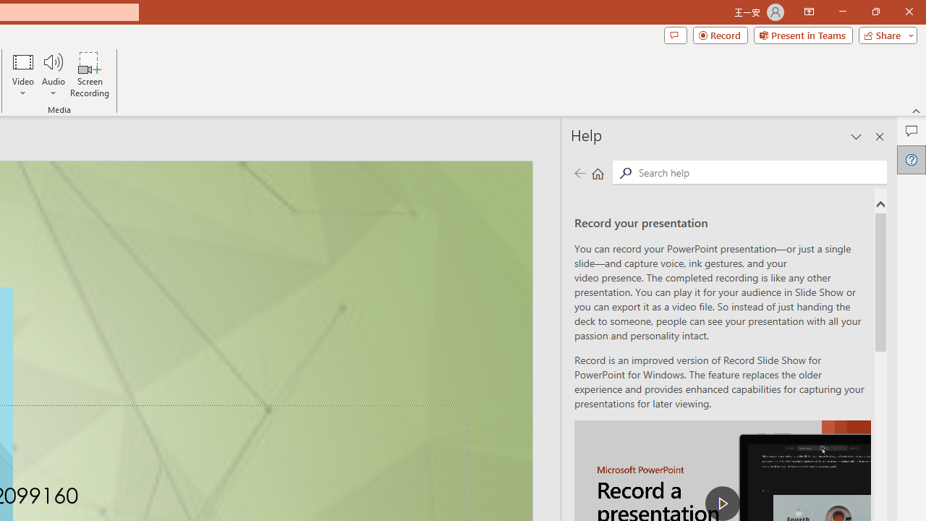  I want to click on 'Previous page', so click(579, 172).